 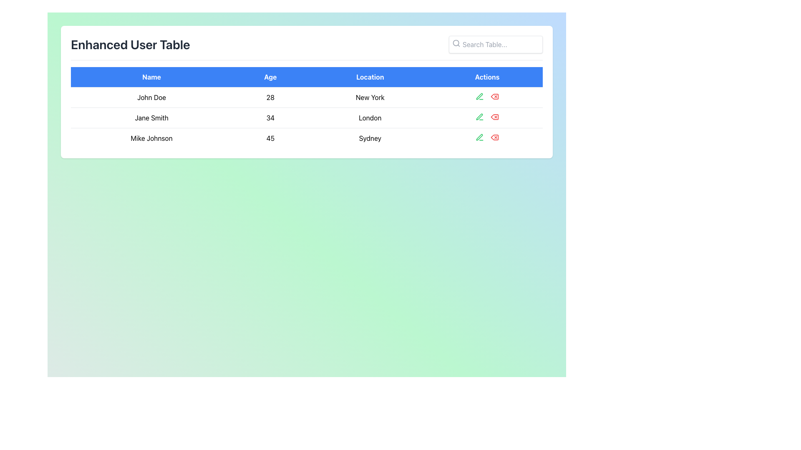 I want to click on the Action group icons consisting of a green pencil and a red cross, located in the fourth cell of the first row under the 'Actions' column, aligned with 'John Doe' in the 'Name' column, so click(x=487, y=96).